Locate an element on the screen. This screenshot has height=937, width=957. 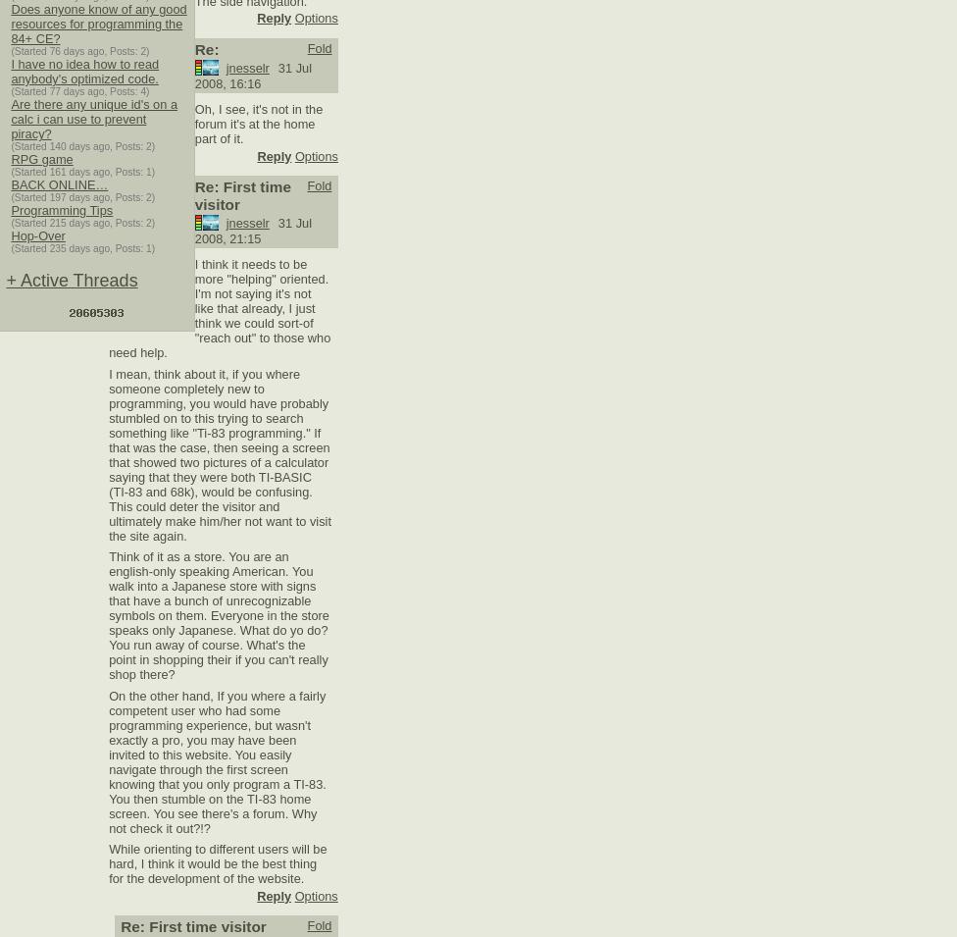
'On the other hand, If you where a fairly competent user who had some programming experience, but wasn't exactly a pro, you may have been invited to this website. You easily navigate through the first screen knowing that you only program a TI-83. You then stumble on the TI-83 home screen. You see there's a forum. Why not check it out?!?' is located at coordinates (216, 760).